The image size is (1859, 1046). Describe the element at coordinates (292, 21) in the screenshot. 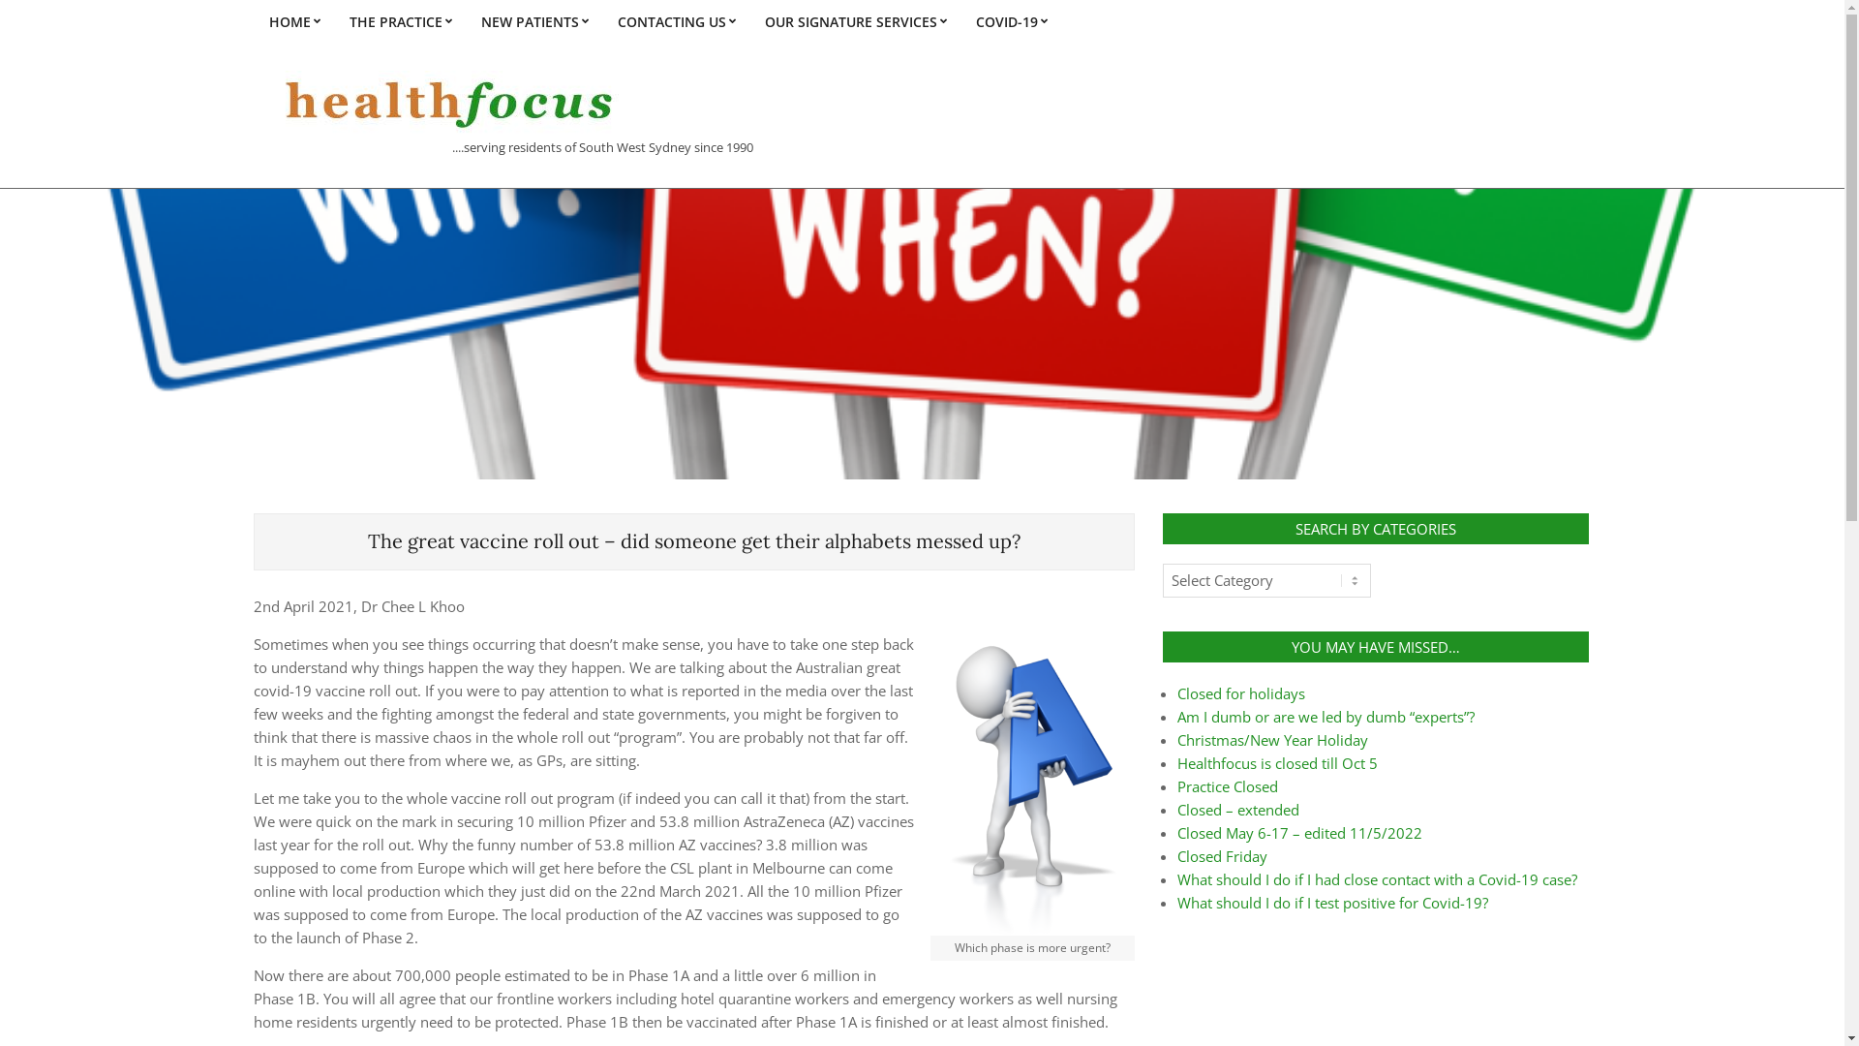

I see `'HOME'` at that location.